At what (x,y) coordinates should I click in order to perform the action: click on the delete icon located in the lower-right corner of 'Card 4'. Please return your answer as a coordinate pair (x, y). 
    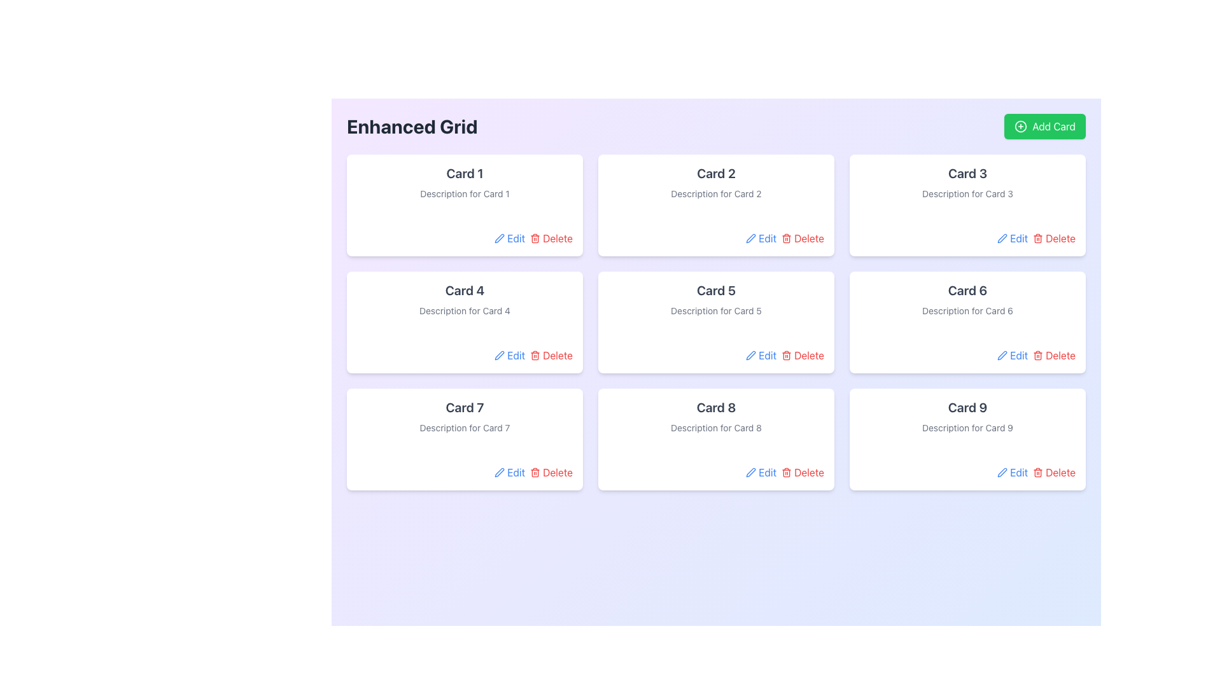
    Looking at the image, I should click on (535, 356).